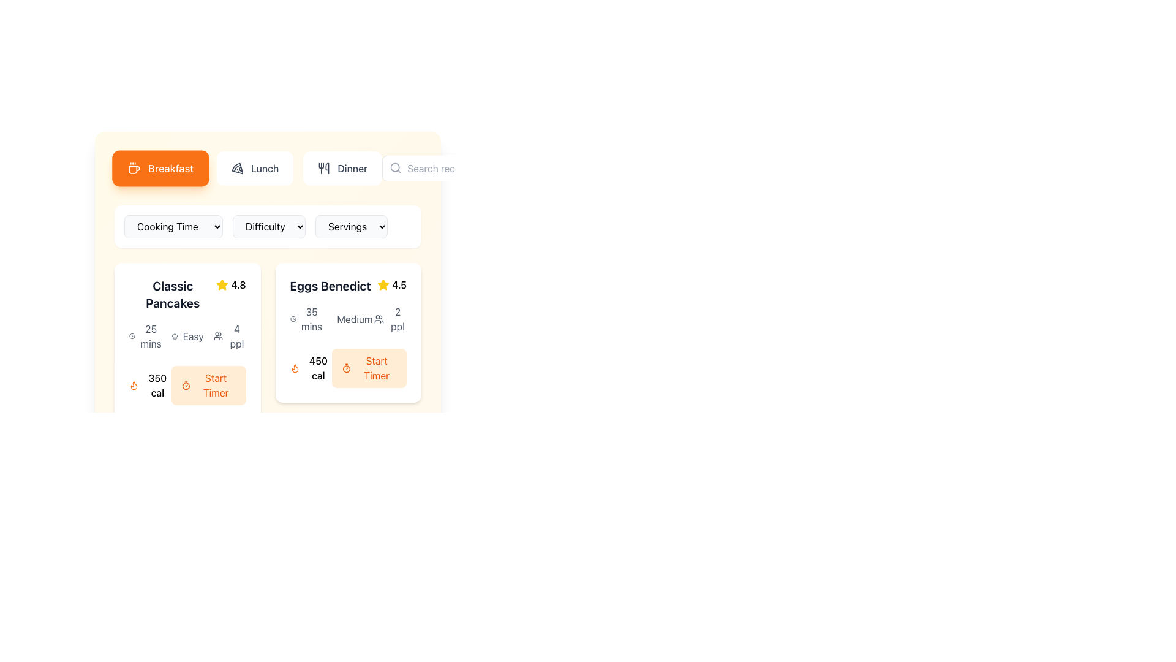 This screenshot has width=1176, height=662. Describe the element at coordinates (268, 227) in the screenshot. I see `the 'Difficulty' dropdown menu, which is styled as a button with rounded corners and a light gray background` at that location.